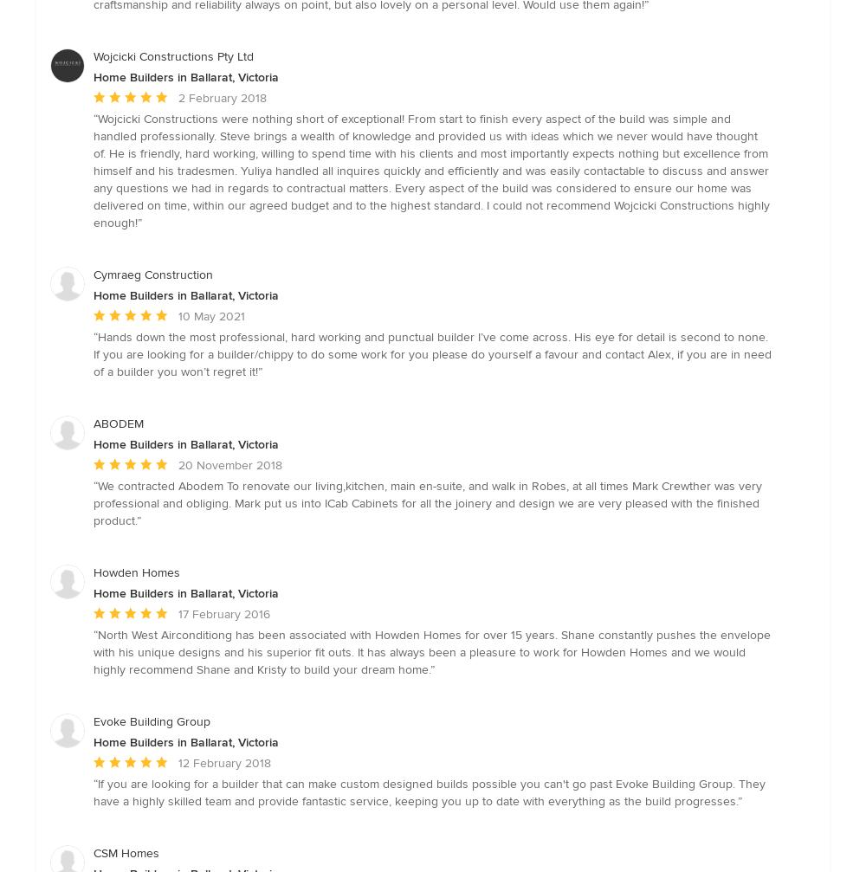 Image resolution: width=866 pixels, height=872 pixels. Describe the element at coordinates (431, 353) in the screenshot. I see `'Hands down the most professional, hard working and punctual builder I’ve come across. His eye for detail is second to none. If you are looking for a builder/chippy to do some work for you please do yourself a favour and contact Alex, if you are in need of a builder you won’t regret it!'` at that location.